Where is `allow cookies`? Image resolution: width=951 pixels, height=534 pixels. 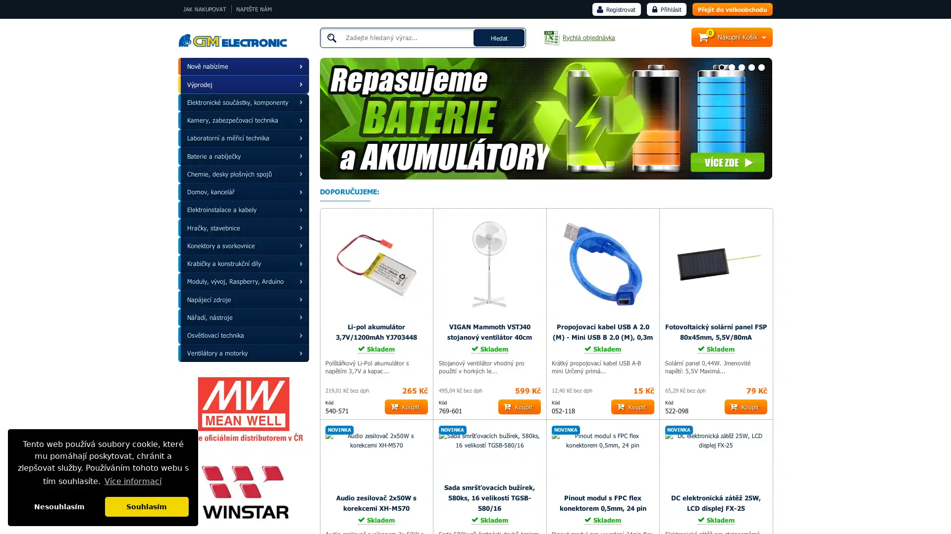
allow cookies is located at coordinates (146, 506).